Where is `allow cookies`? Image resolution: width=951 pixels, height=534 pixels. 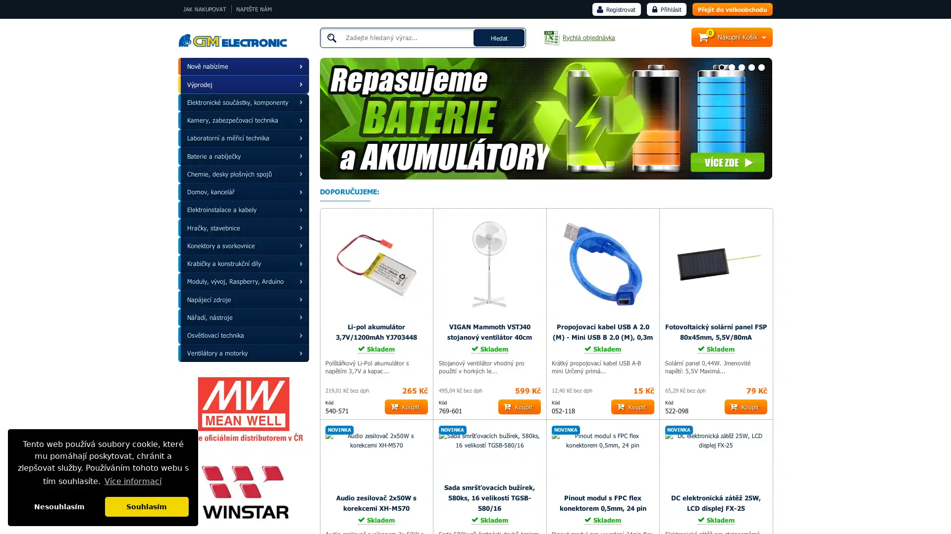
allow cookies is located at coordinates (146, 506).